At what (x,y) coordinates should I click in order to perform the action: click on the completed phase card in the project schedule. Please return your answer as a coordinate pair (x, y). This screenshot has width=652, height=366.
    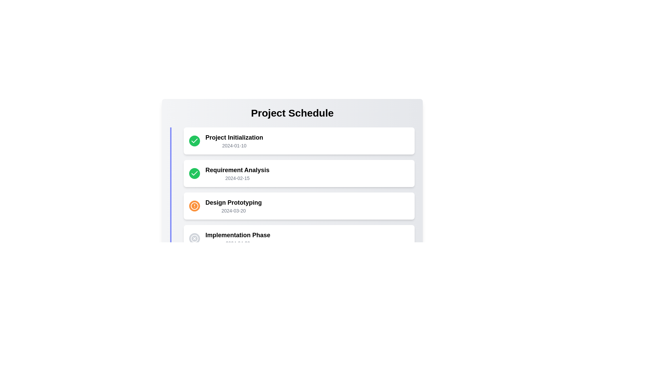
    Looking at the image, I should click on (299, 141).